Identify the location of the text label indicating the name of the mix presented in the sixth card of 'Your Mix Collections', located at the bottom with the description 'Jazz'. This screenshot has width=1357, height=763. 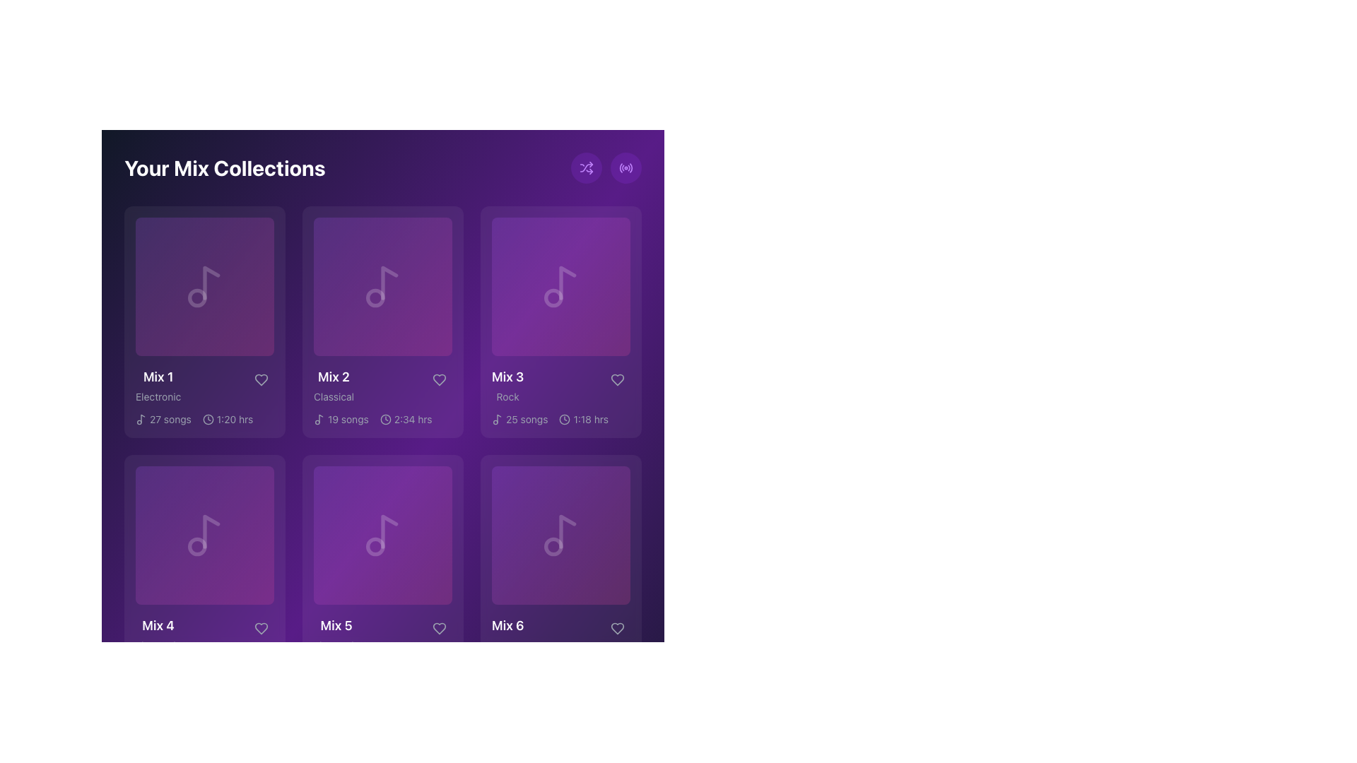
(507, 625).